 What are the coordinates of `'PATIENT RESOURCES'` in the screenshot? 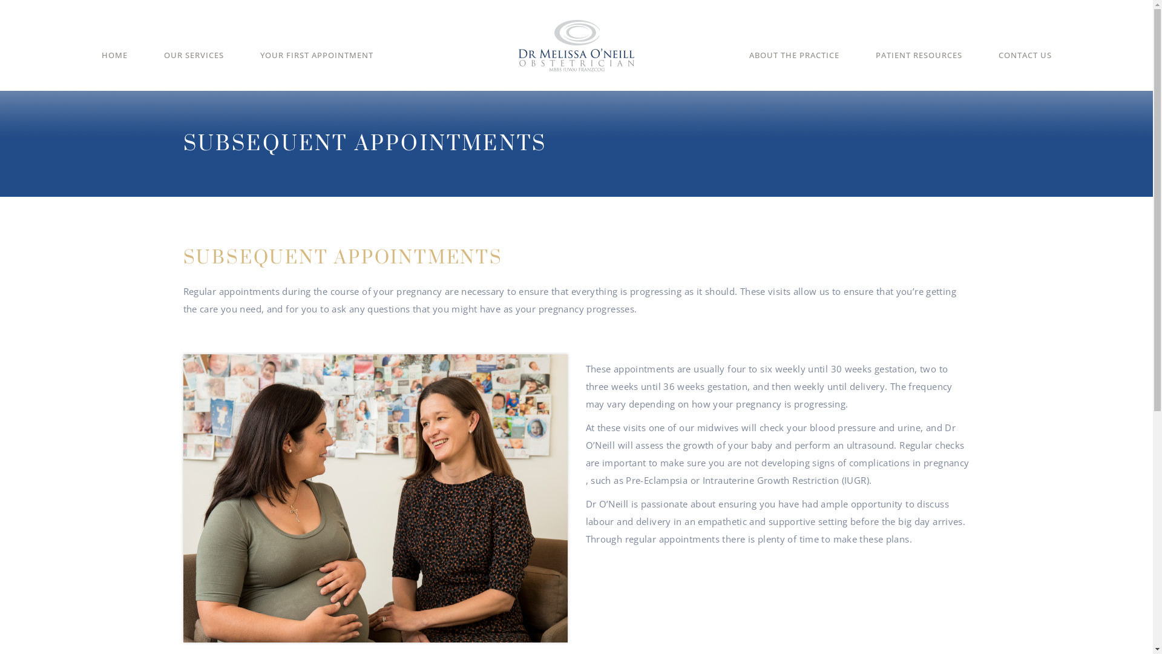 It's located at (875, 64).